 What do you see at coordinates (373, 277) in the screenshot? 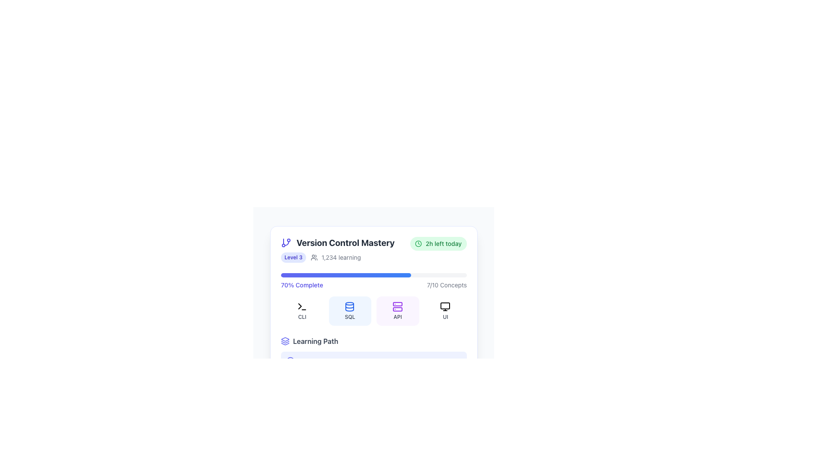
I see `the Progress Bar indicating 70% course completion, located below the level and duration details section in the 'Version Control Mastery' module` at bounding box center [373, 277].